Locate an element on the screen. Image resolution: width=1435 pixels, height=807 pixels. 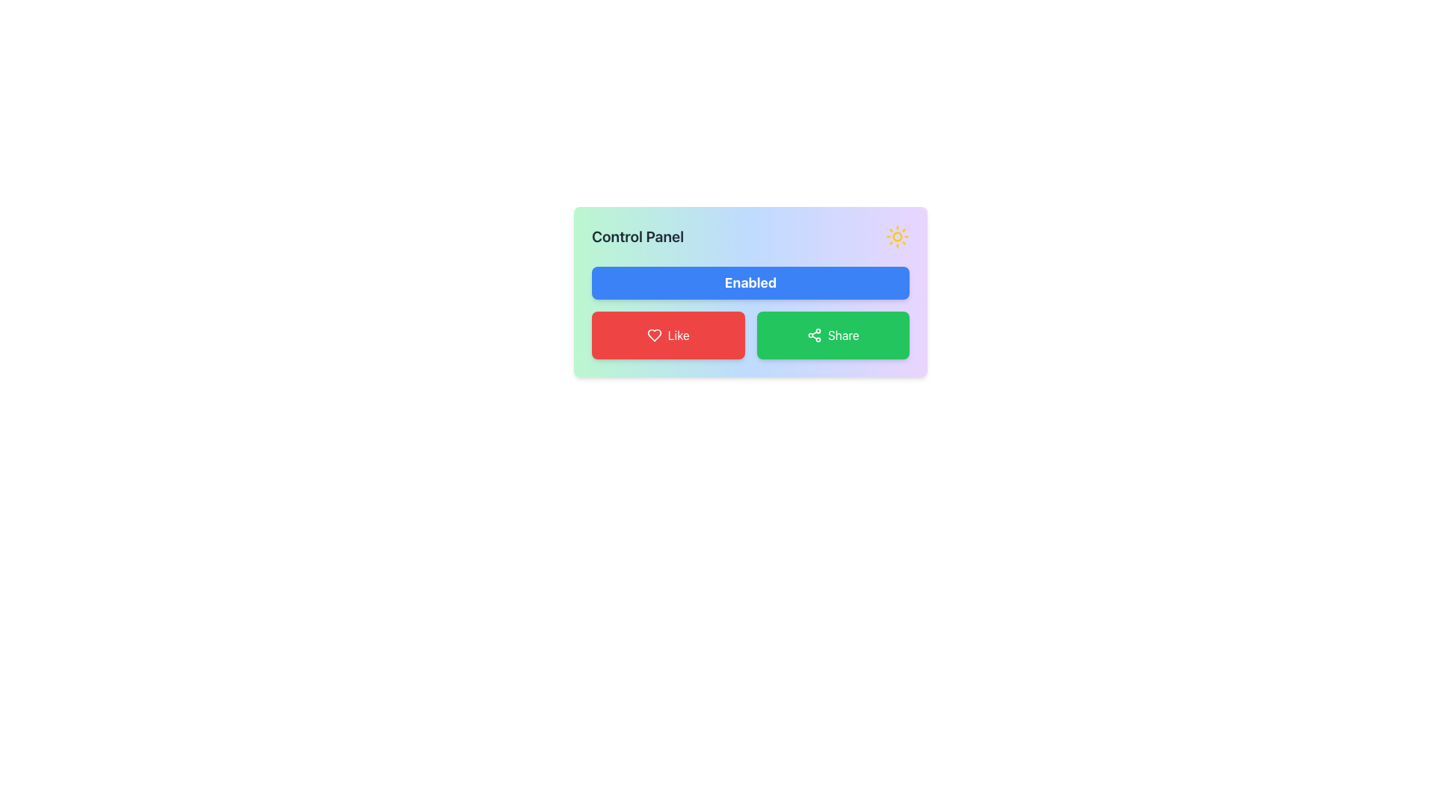
the decorative light icon located at the top right corner of the Control Panel, enhancing the visual aspects of the interface is located at coordinates (897, 235).